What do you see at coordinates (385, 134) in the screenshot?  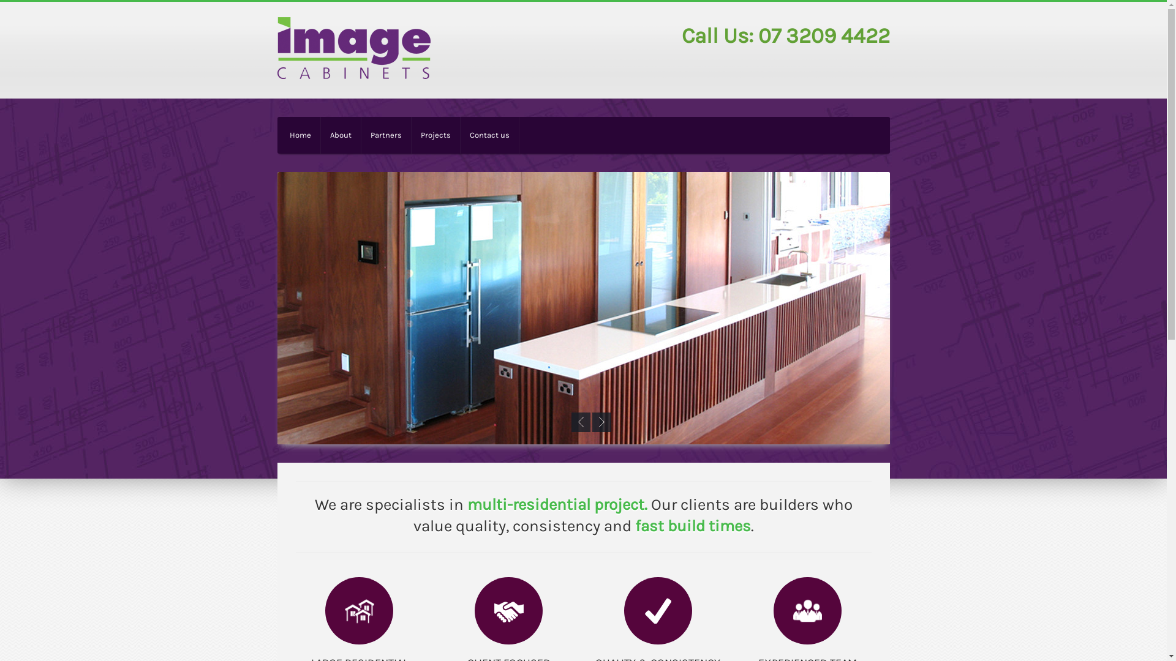 I see `'Partners'` at bounding box center [385, 134].